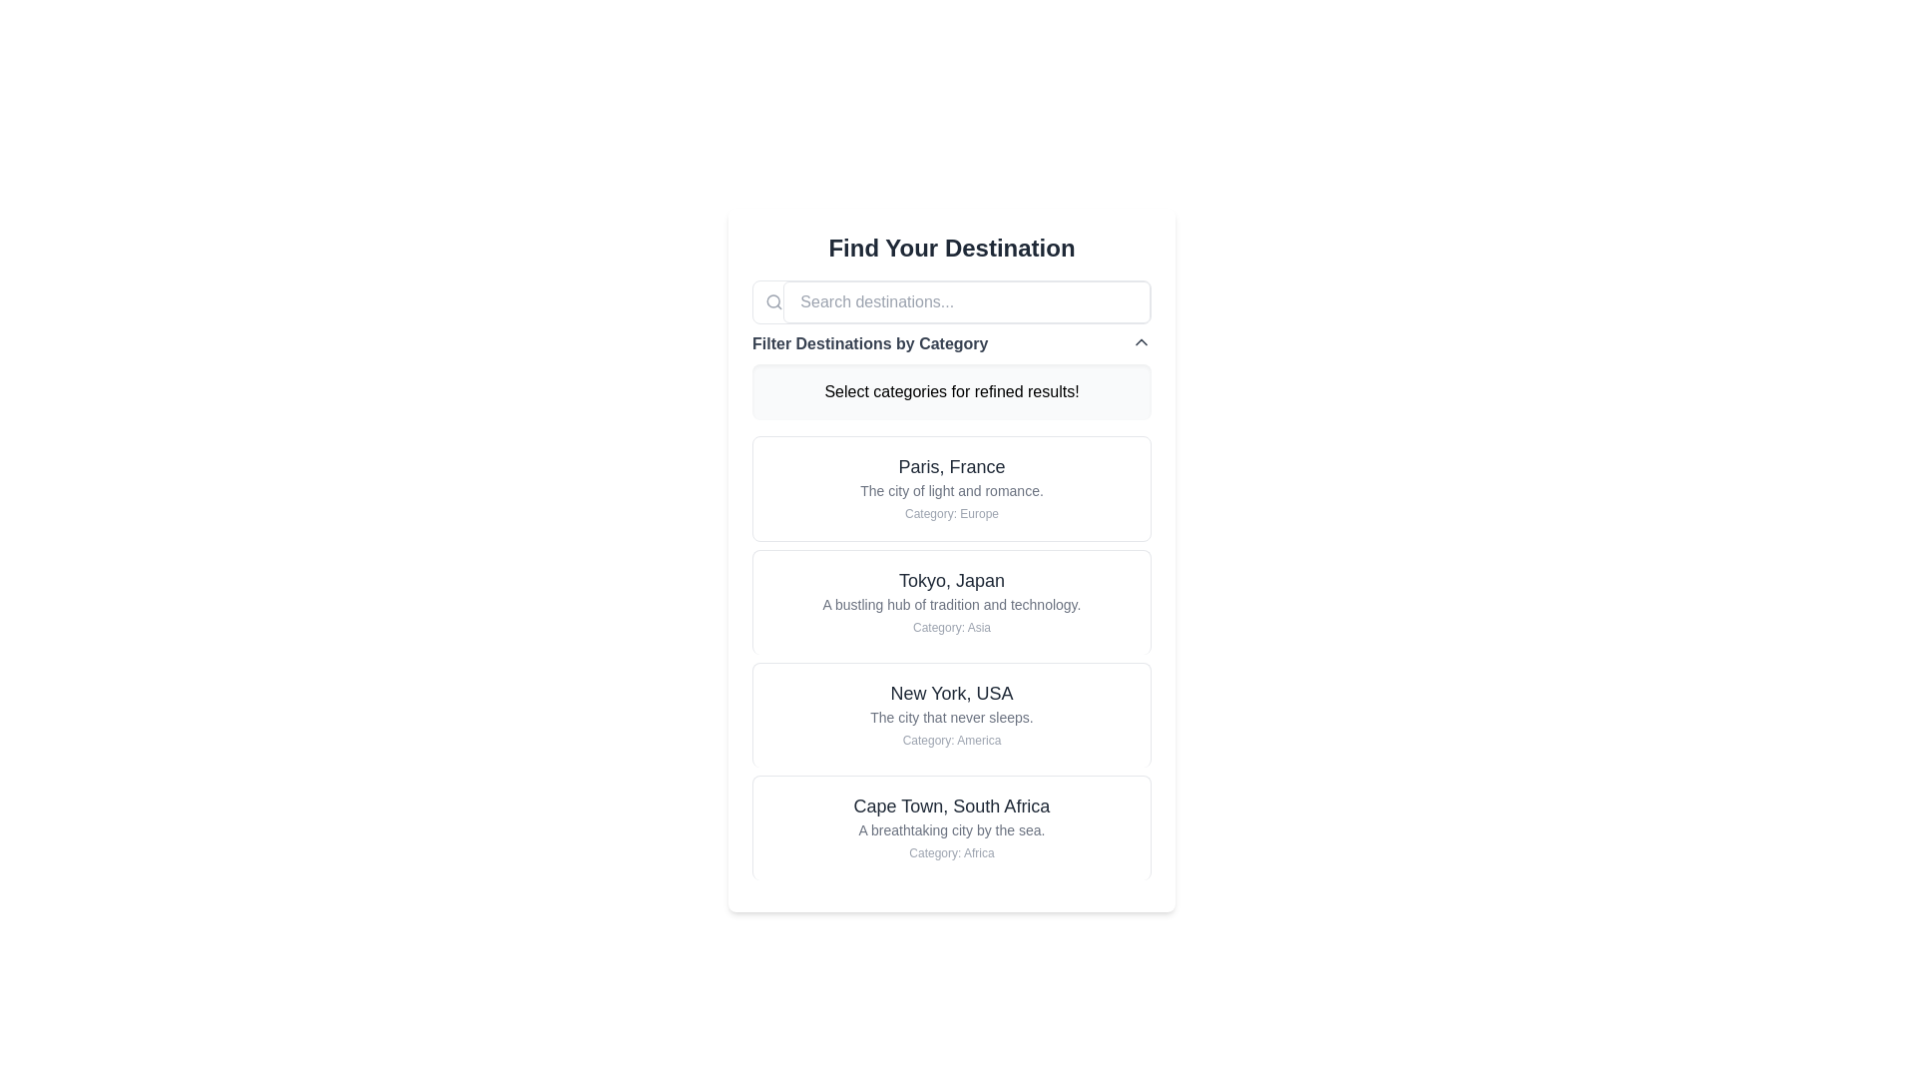  I want to click on the small upward-pointing chevron icon located at the right end of the 'Filter Destinations by Category' label, so click(1141, 341).